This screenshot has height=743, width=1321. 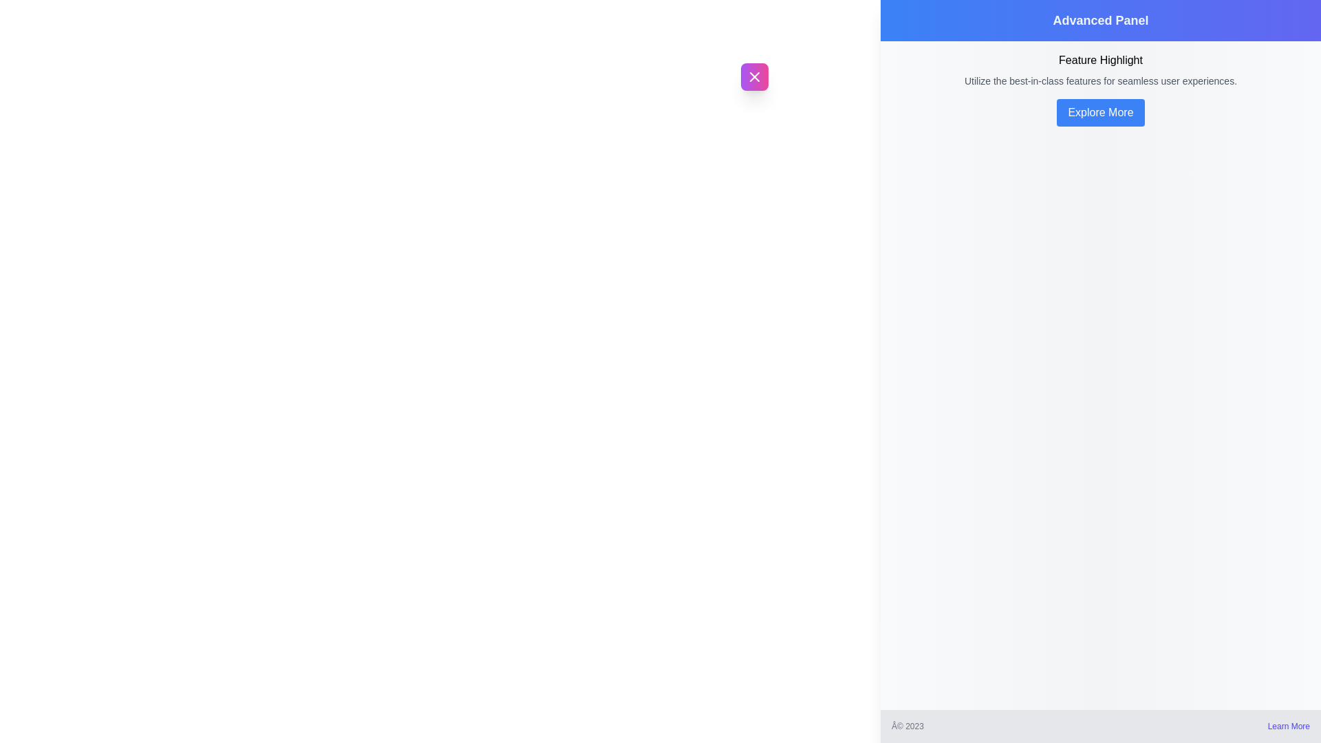 I want to click on the 'Explore More' button, which has a blue background and white text, to observe any hover-related effects, so click(x=1099, y=112).